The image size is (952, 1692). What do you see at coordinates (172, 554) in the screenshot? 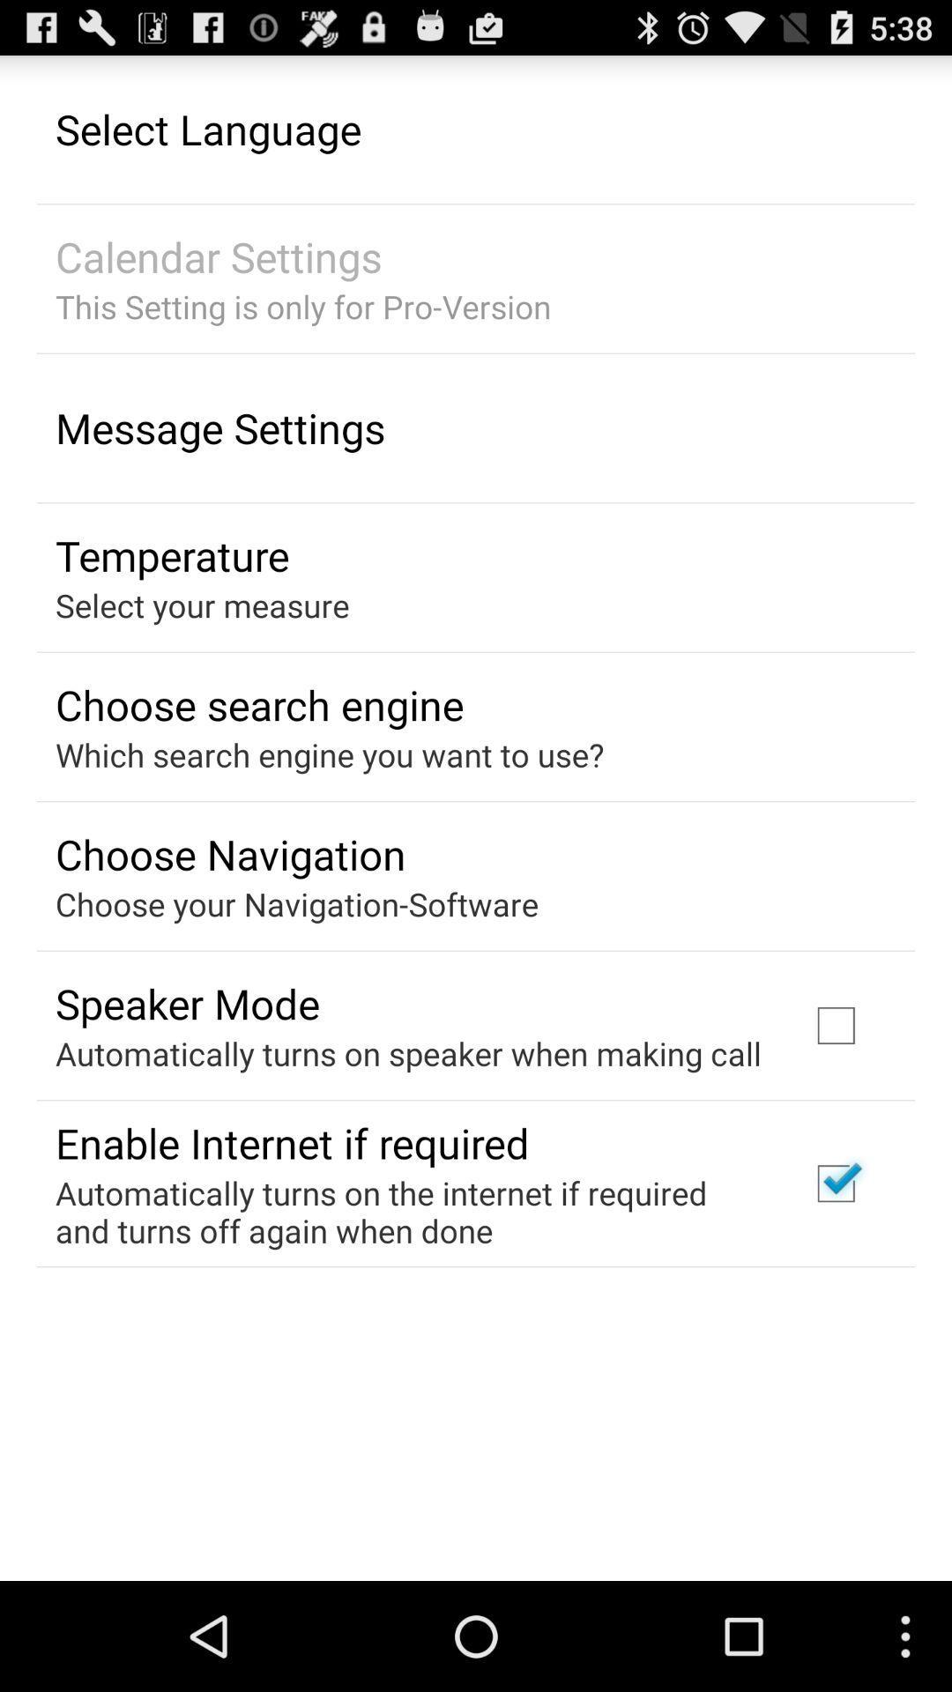
I see `item below message settings` at bounding box center [172, 554].